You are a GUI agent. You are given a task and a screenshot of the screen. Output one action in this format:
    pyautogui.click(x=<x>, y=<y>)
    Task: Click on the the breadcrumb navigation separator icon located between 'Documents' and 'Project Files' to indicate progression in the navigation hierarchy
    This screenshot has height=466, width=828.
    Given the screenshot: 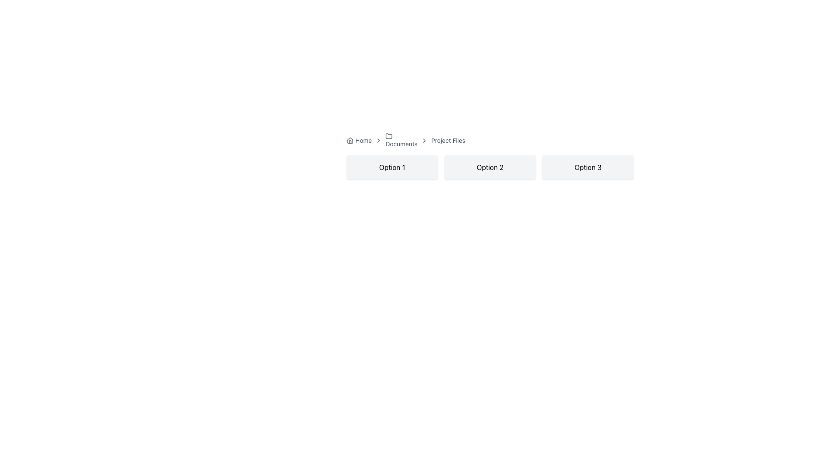 What is the action you would take?
    pyautogui.click(x=424, y=140)
    